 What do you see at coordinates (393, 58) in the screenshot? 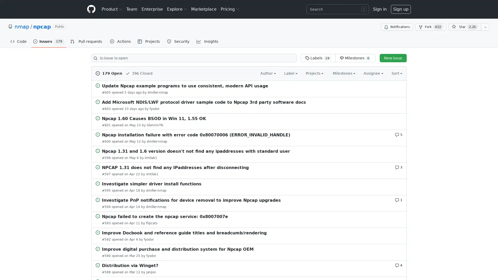
I see `New issue` at bounding box center [393, 58].